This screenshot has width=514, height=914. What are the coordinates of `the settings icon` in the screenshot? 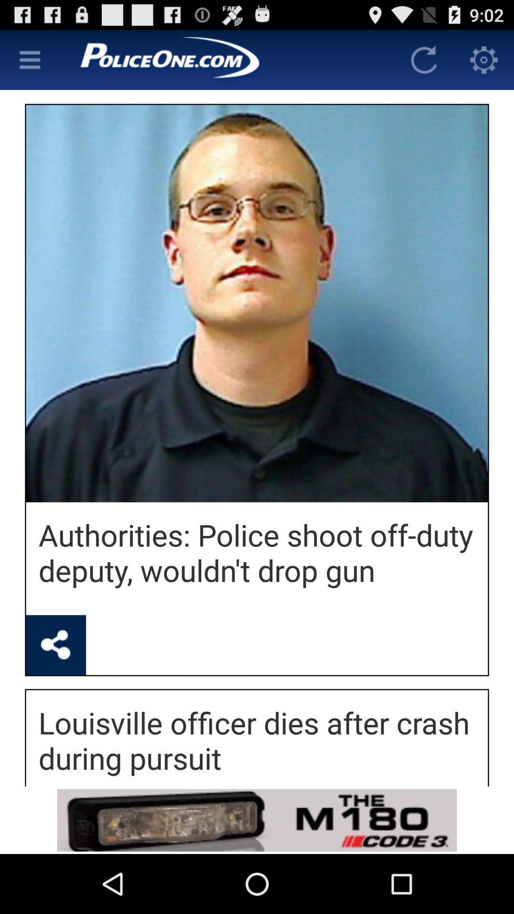 It's located at (484, 63).